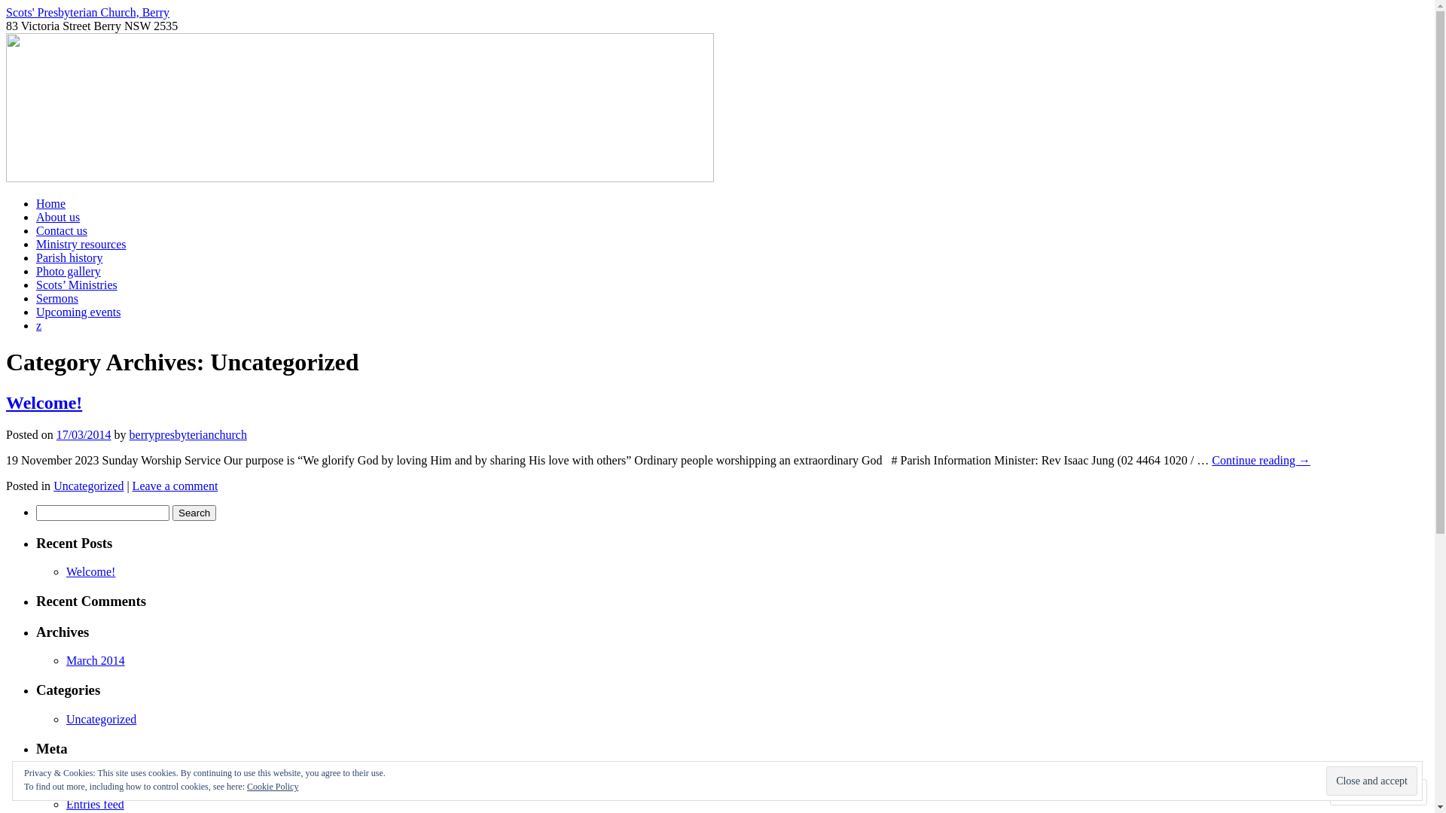 This screenshot has height=813, width=1446. Describe the element at coordinates (175, 486) in the screenshot. I see `'Leave a comment'` at that location.